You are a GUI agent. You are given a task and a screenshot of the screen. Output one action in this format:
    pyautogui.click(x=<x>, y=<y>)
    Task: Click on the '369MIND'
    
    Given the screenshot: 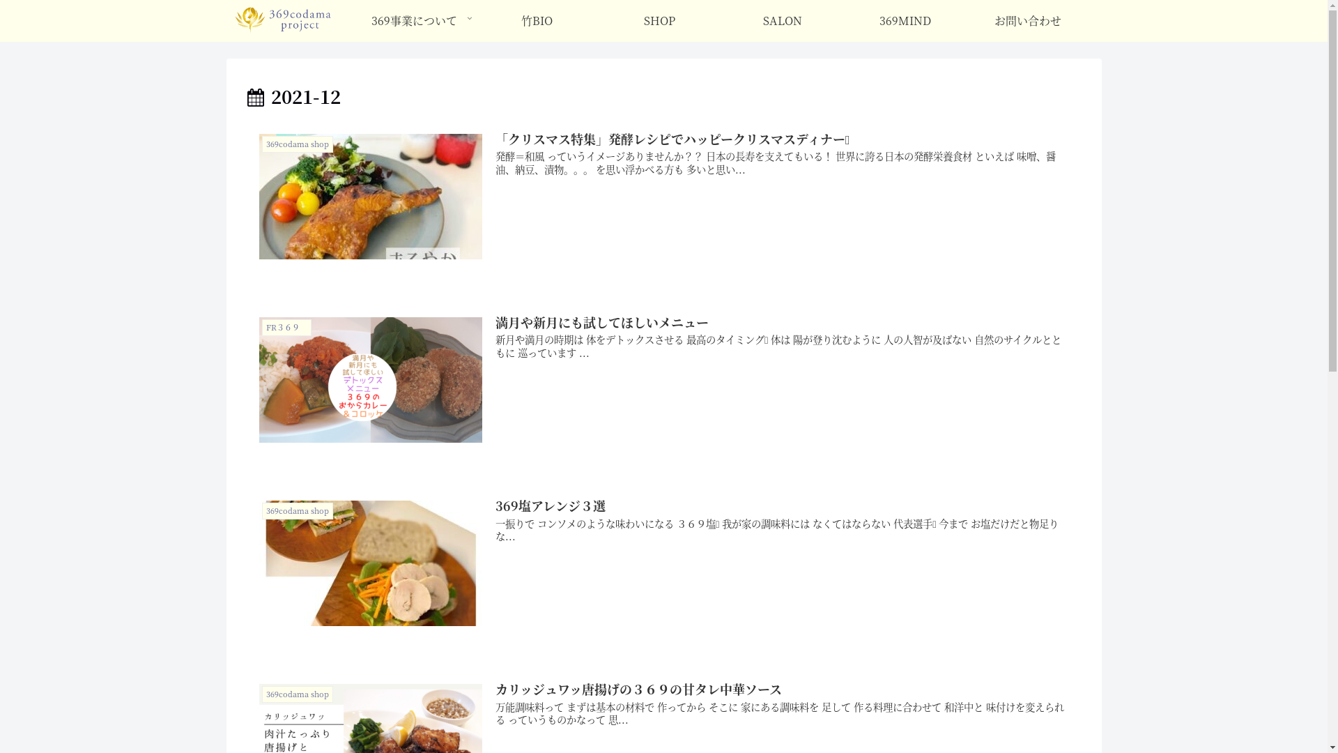 What is the action you would take?
    pyautogui.click(x=905, y=21)
    